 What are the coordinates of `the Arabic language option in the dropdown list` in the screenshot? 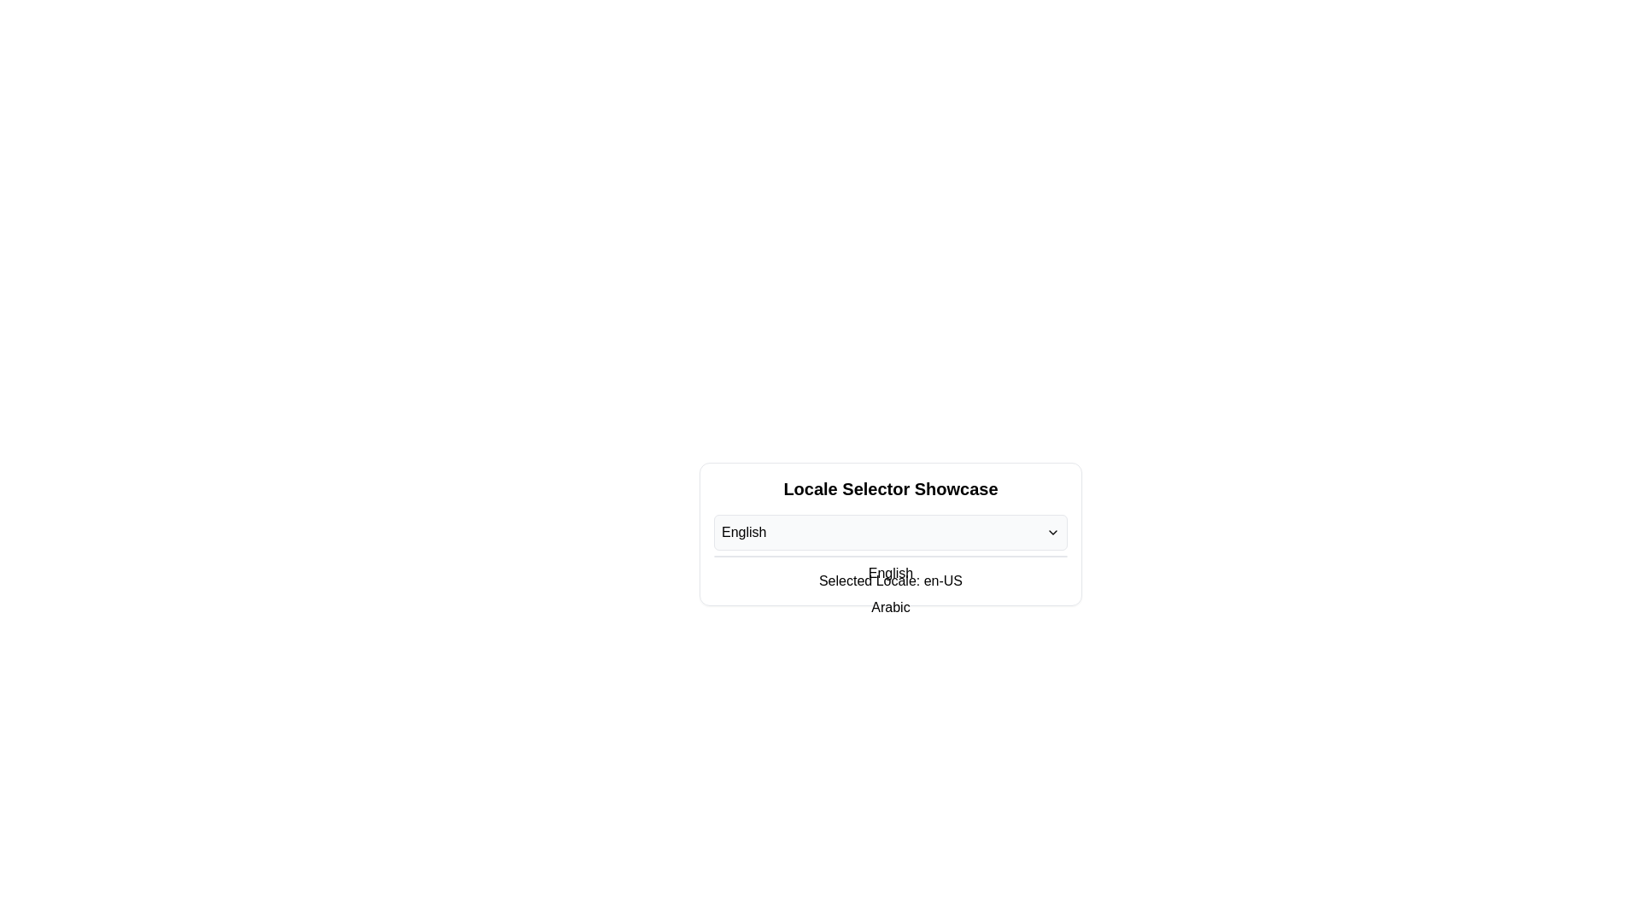 It's located at (889, 607).